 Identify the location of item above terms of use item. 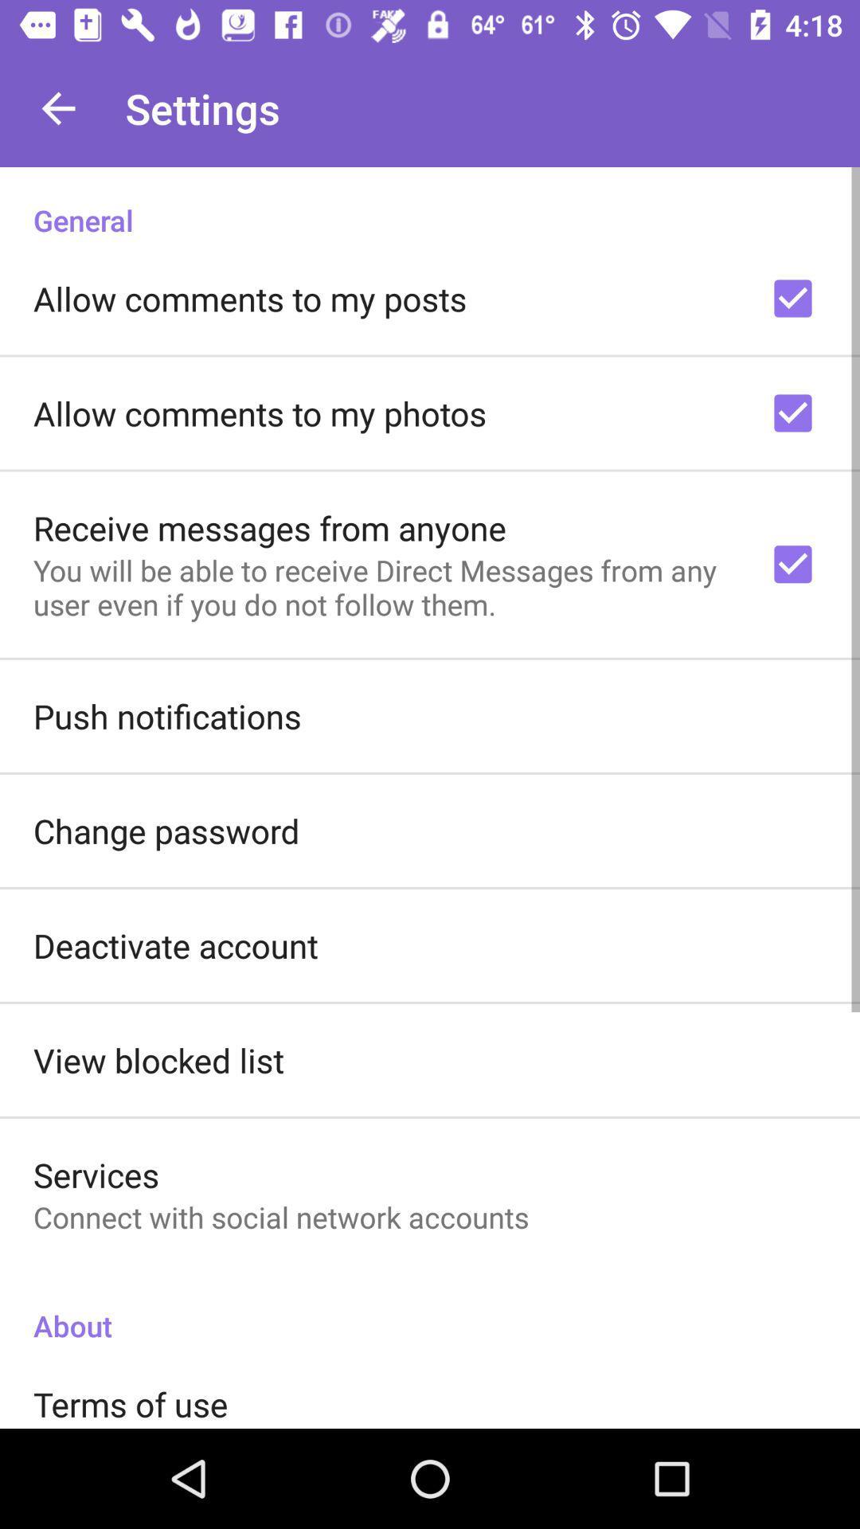
(430, 1309).